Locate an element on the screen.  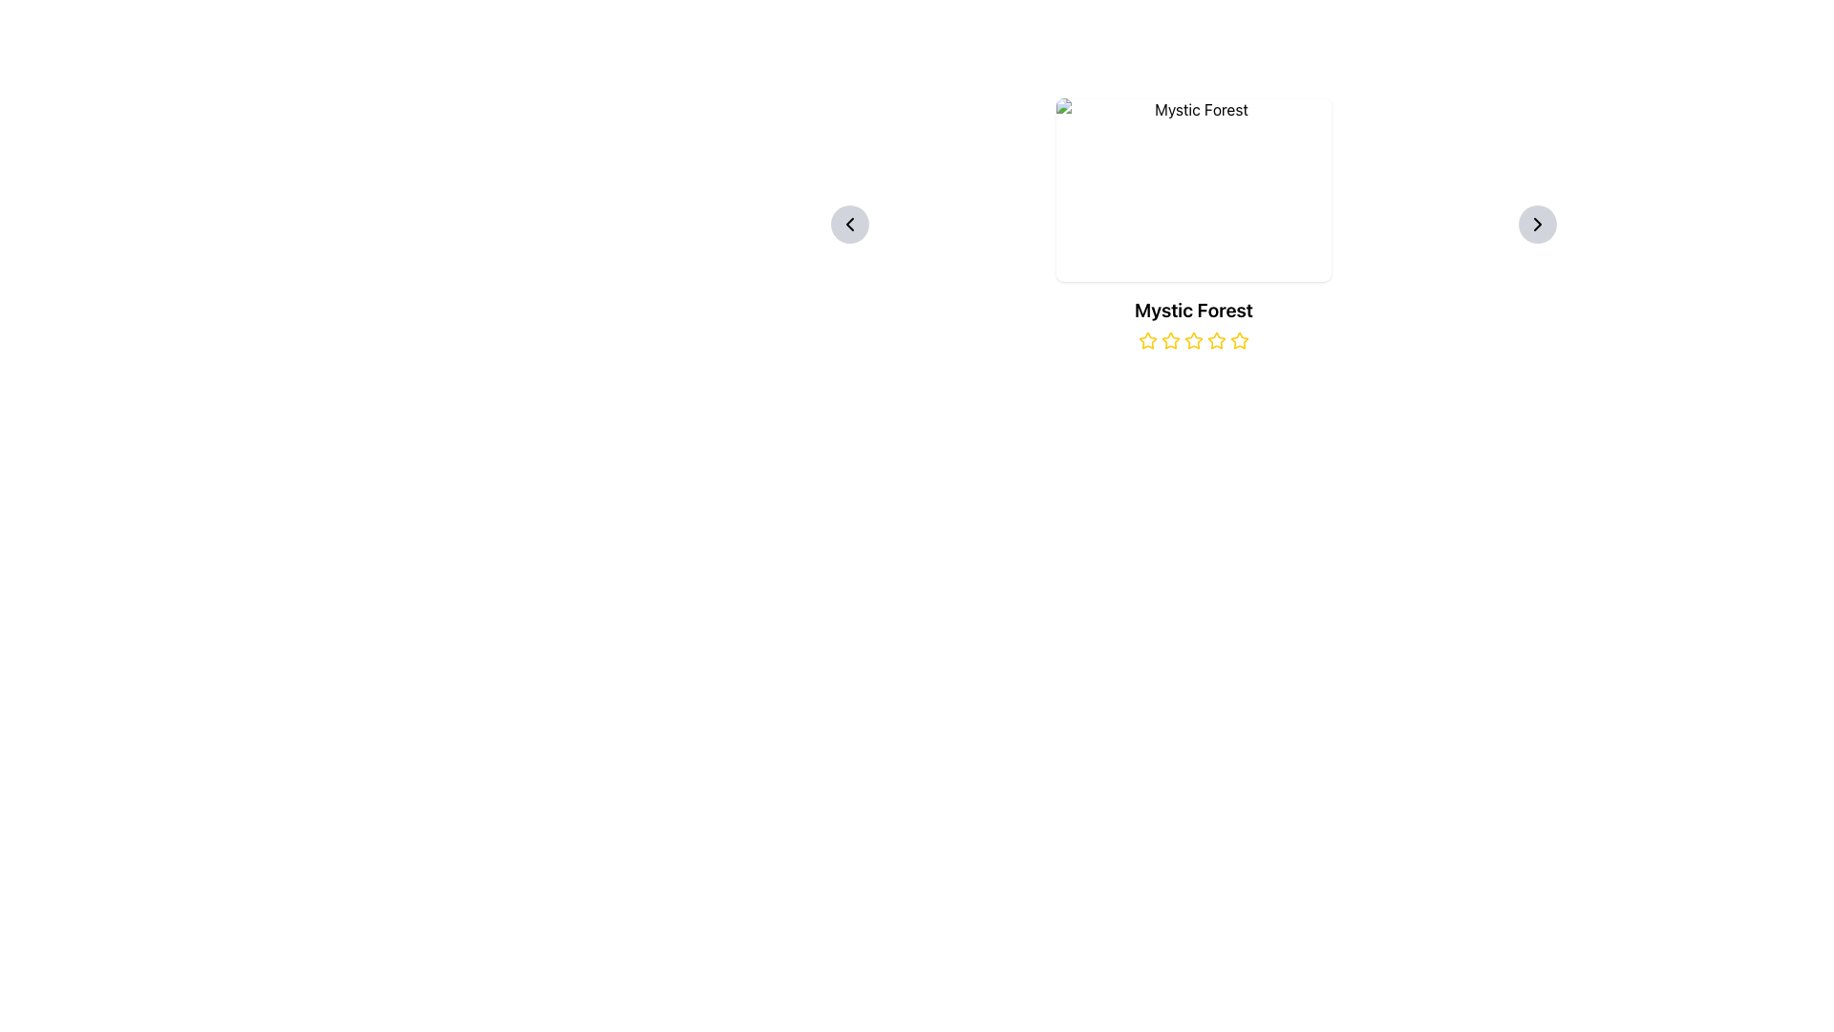
the fifth star icon in the rating system below the text 'Mystic Forest' is located at coordinates (1239, 340).